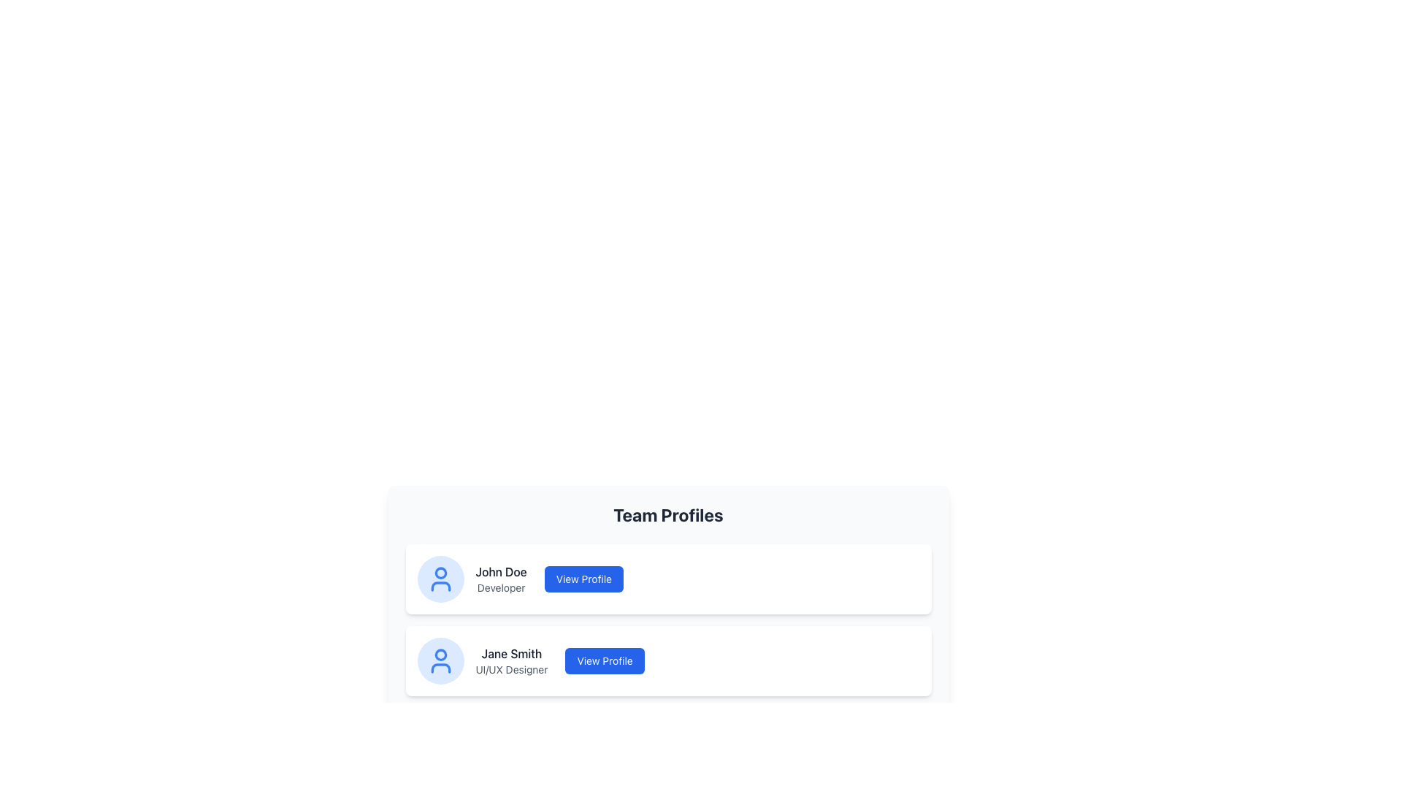 This screenshot has width=1402, height=789. Describe the element at coordinates (511, 652) in the screenshot. I see `the text label 'Jane Smith' displayed in bold dark gray font within the profile card layout` at that location.